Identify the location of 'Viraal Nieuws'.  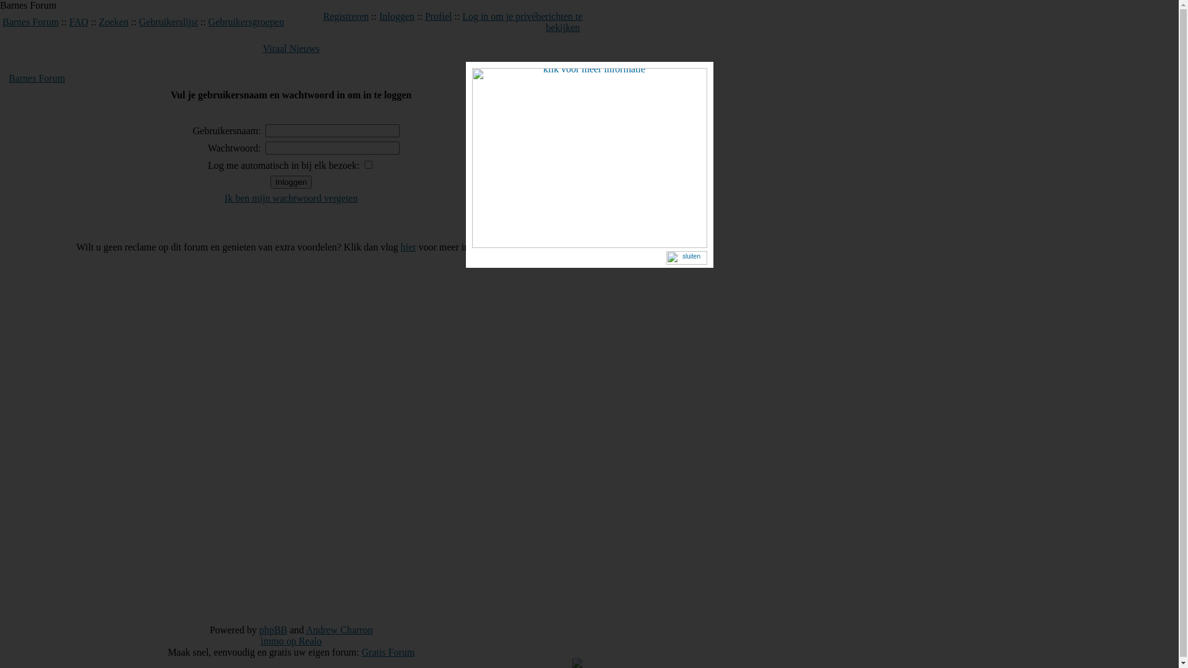
(290, 48).